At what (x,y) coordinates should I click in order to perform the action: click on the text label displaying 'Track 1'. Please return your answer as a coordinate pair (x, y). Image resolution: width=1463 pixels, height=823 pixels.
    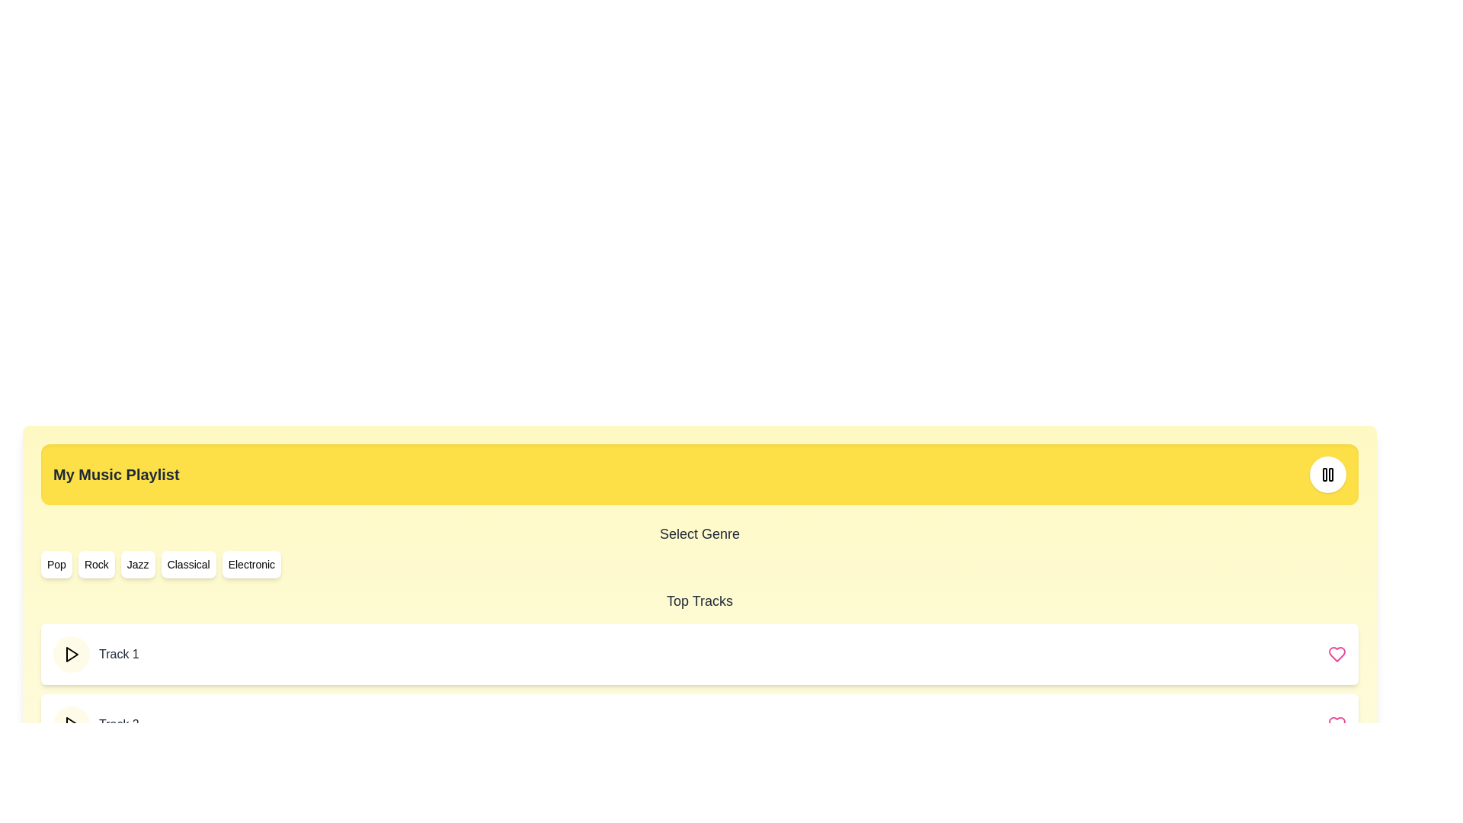
    Looking at the image, I should click on (118, 654).